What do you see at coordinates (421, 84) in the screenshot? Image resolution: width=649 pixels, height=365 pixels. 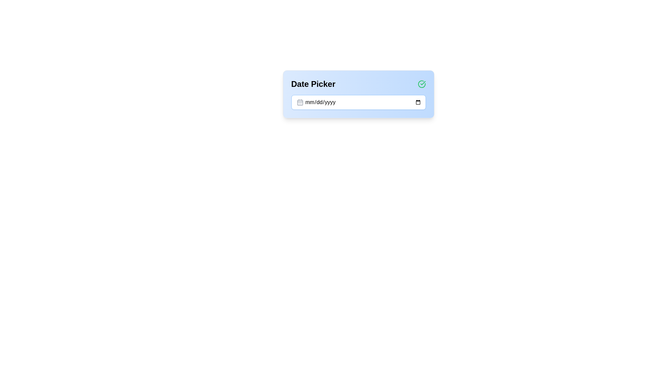 I see `the icon indicating successful date selection in the date picker interface, located to the right of the 'Date Picker' text label` at bounding box center [421, 84].